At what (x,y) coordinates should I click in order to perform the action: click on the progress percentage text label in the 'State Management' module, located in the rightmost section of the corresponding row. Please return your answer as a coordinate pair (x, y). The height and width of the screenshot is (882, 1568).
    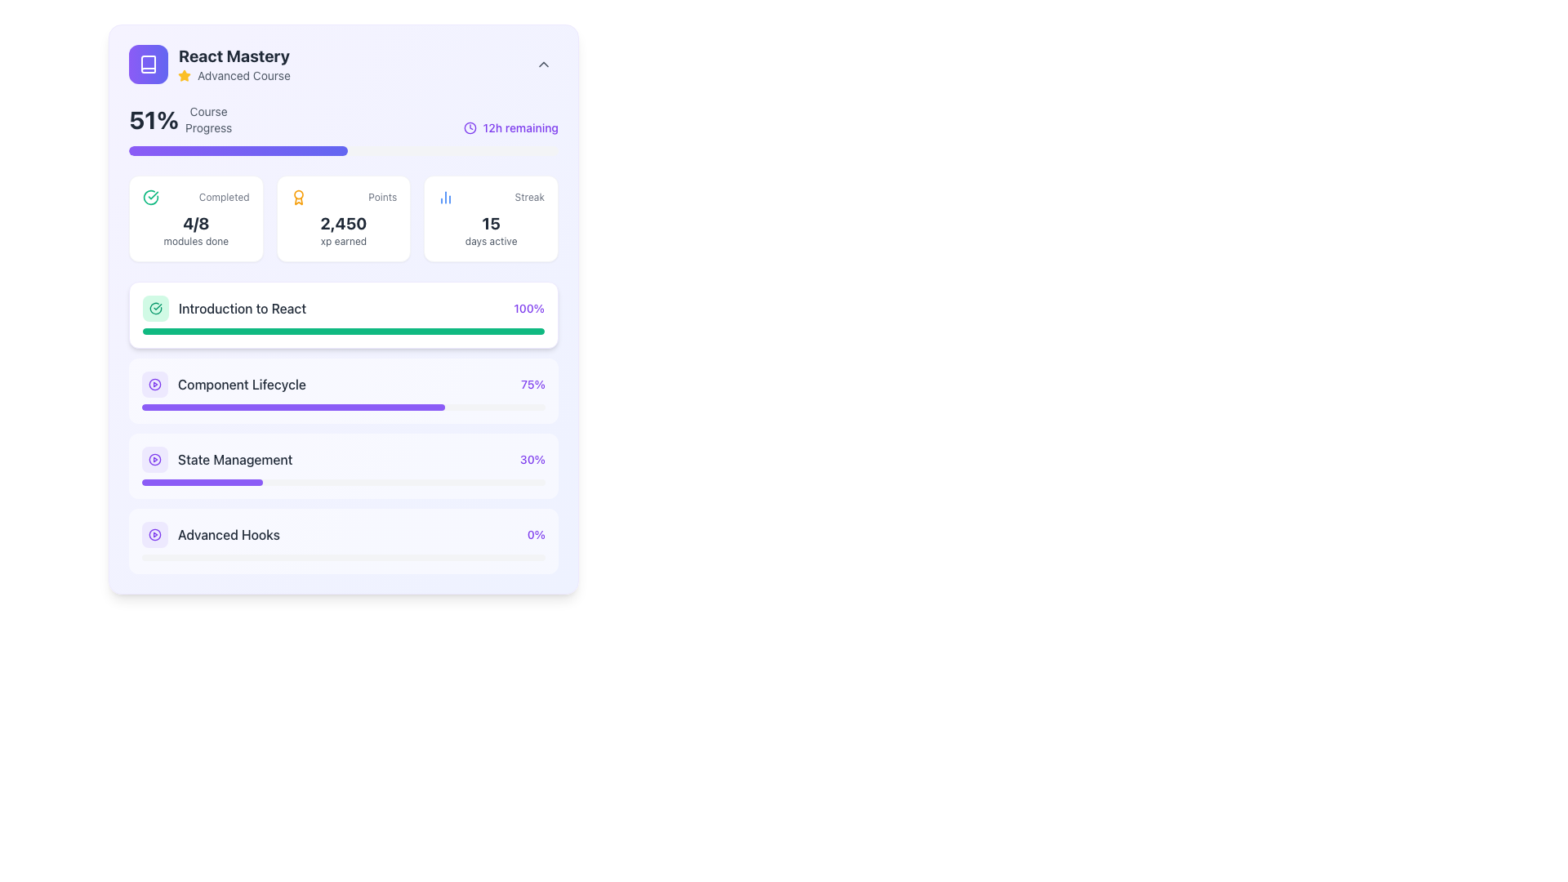
    Looking at the image, I should click on (532, 460).